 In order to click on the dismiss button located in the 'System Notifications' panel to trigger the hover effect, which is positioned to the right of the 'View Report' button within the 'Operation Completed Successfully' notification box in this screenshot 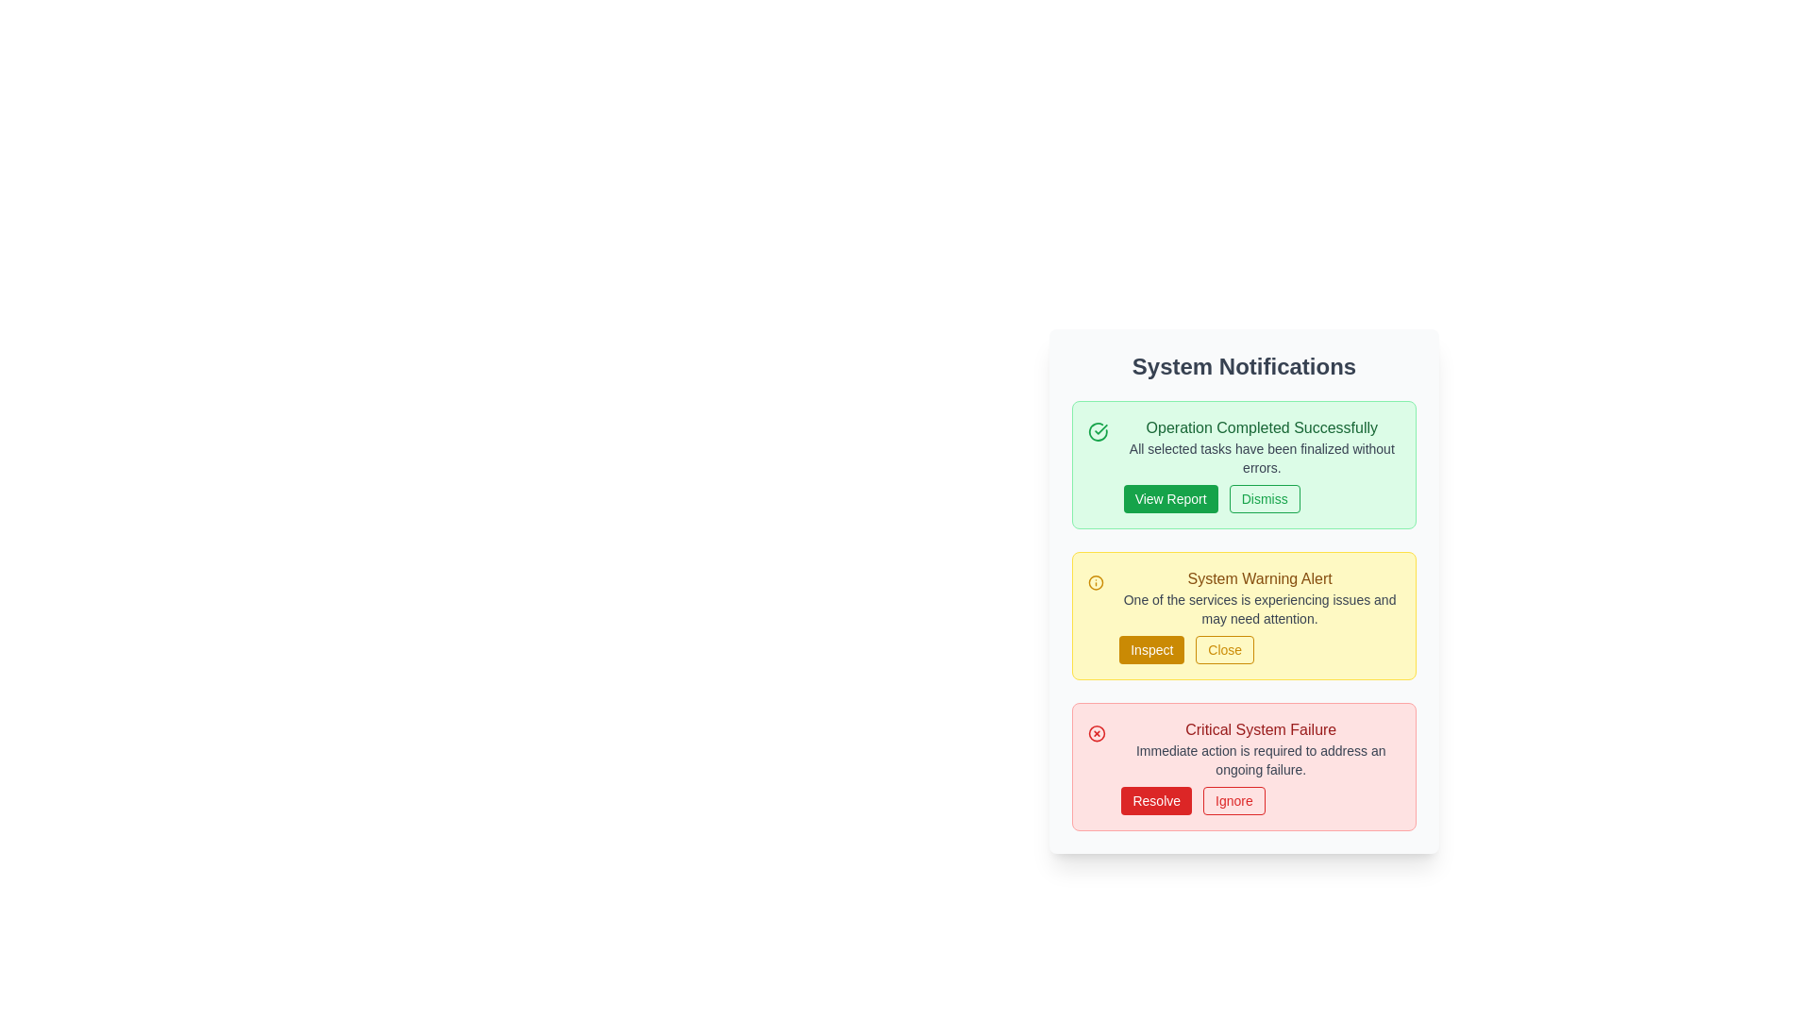, I will do `click(1265, 497)`.